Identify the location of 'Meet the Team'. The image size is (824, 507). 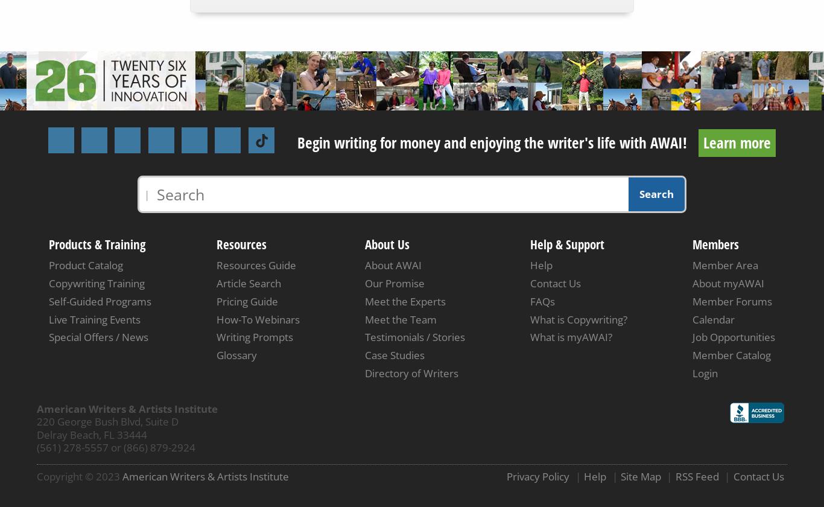
(400, 319).